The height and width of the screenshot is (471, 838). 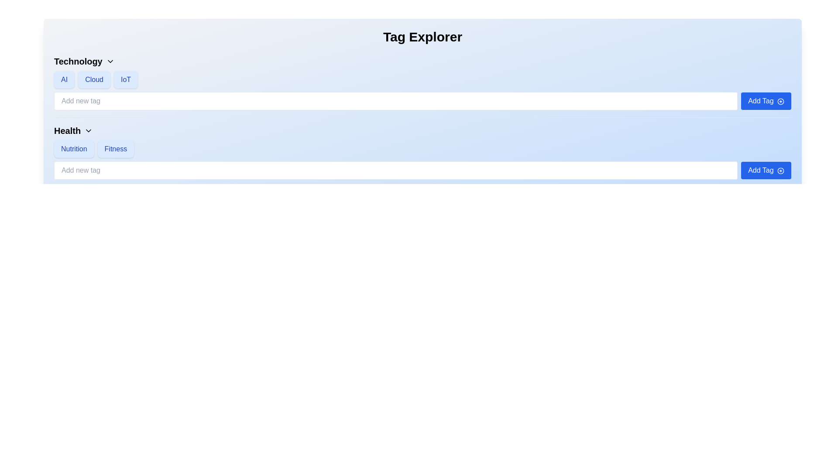 What do you see at coordinates (110, 61) in the screenshot?
I see `the downward-facing chevron icon next to the 'Technology' label` at bounding box center [110, 61].